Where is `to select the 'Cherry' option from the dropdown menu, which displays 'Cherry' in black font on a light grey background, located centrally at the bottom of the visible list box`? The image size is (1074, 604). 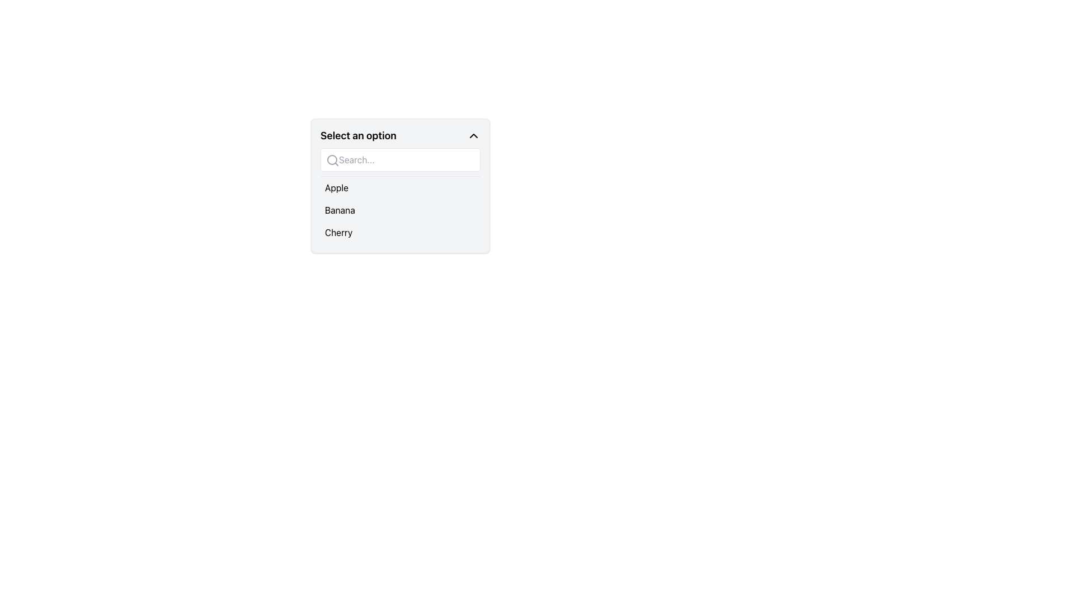 to select the 'Cherry' option from the dropdown menu, which displays 'Cherry' in black font on a light grey background, located centrally at the bottom of the visible list box is located at coordinates (400, 232).